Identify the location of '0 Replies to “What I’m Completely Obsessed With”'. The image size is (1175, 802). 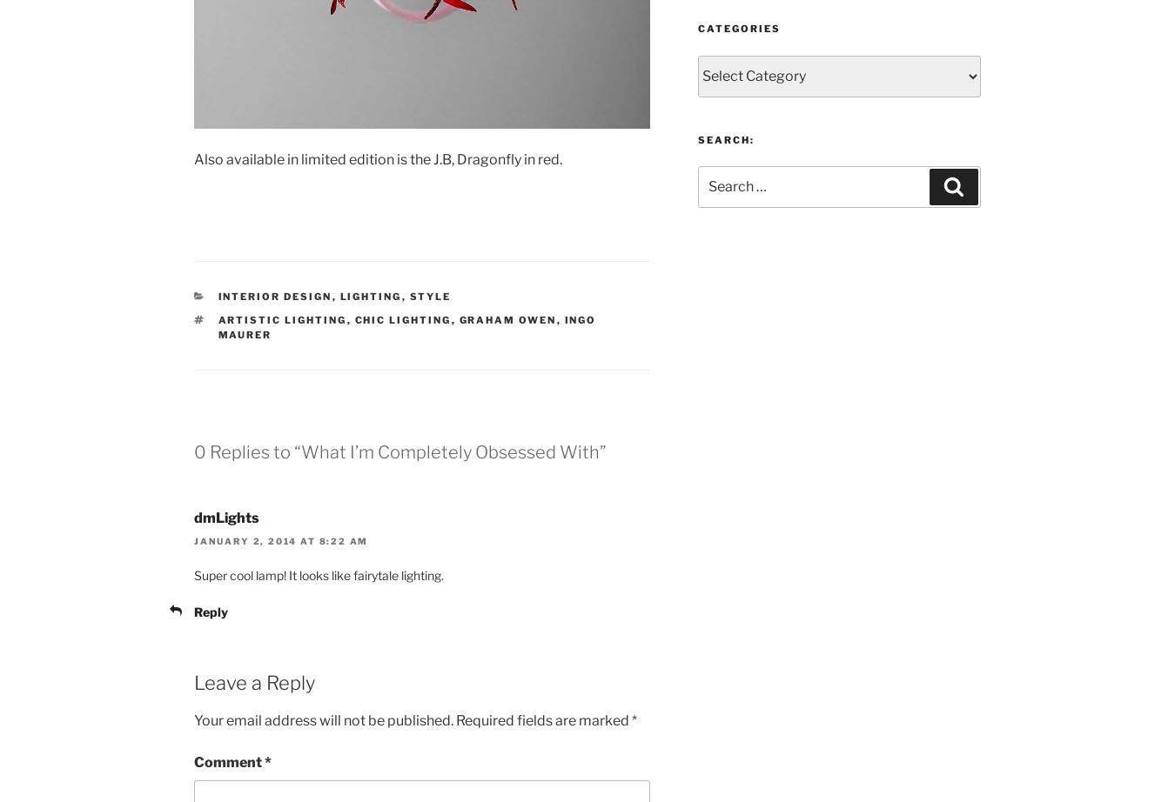
(399, 452).